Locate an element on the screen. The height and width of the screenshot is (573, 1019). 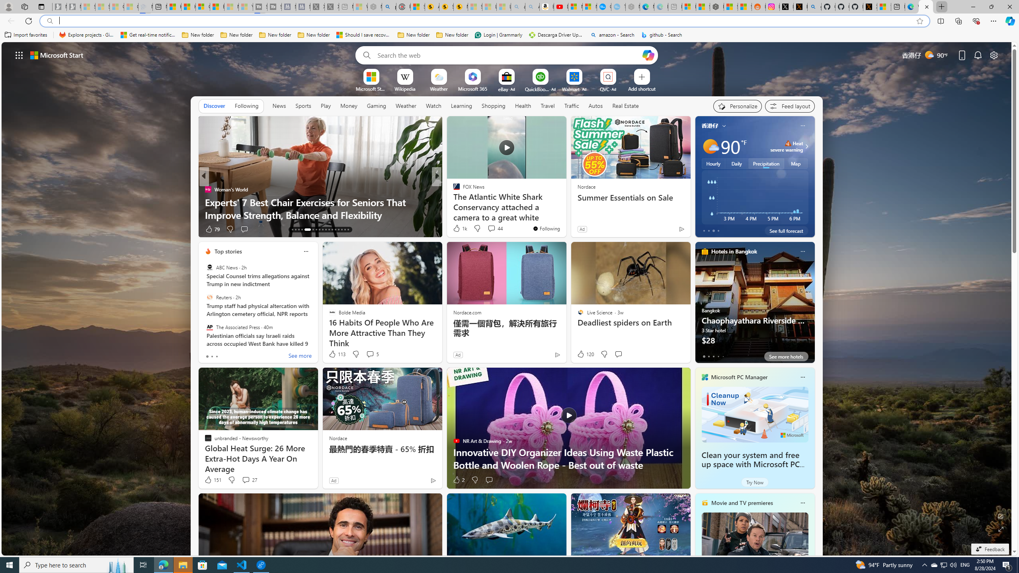
'View comments 44 Comment' is located at coordinates (490, 228).